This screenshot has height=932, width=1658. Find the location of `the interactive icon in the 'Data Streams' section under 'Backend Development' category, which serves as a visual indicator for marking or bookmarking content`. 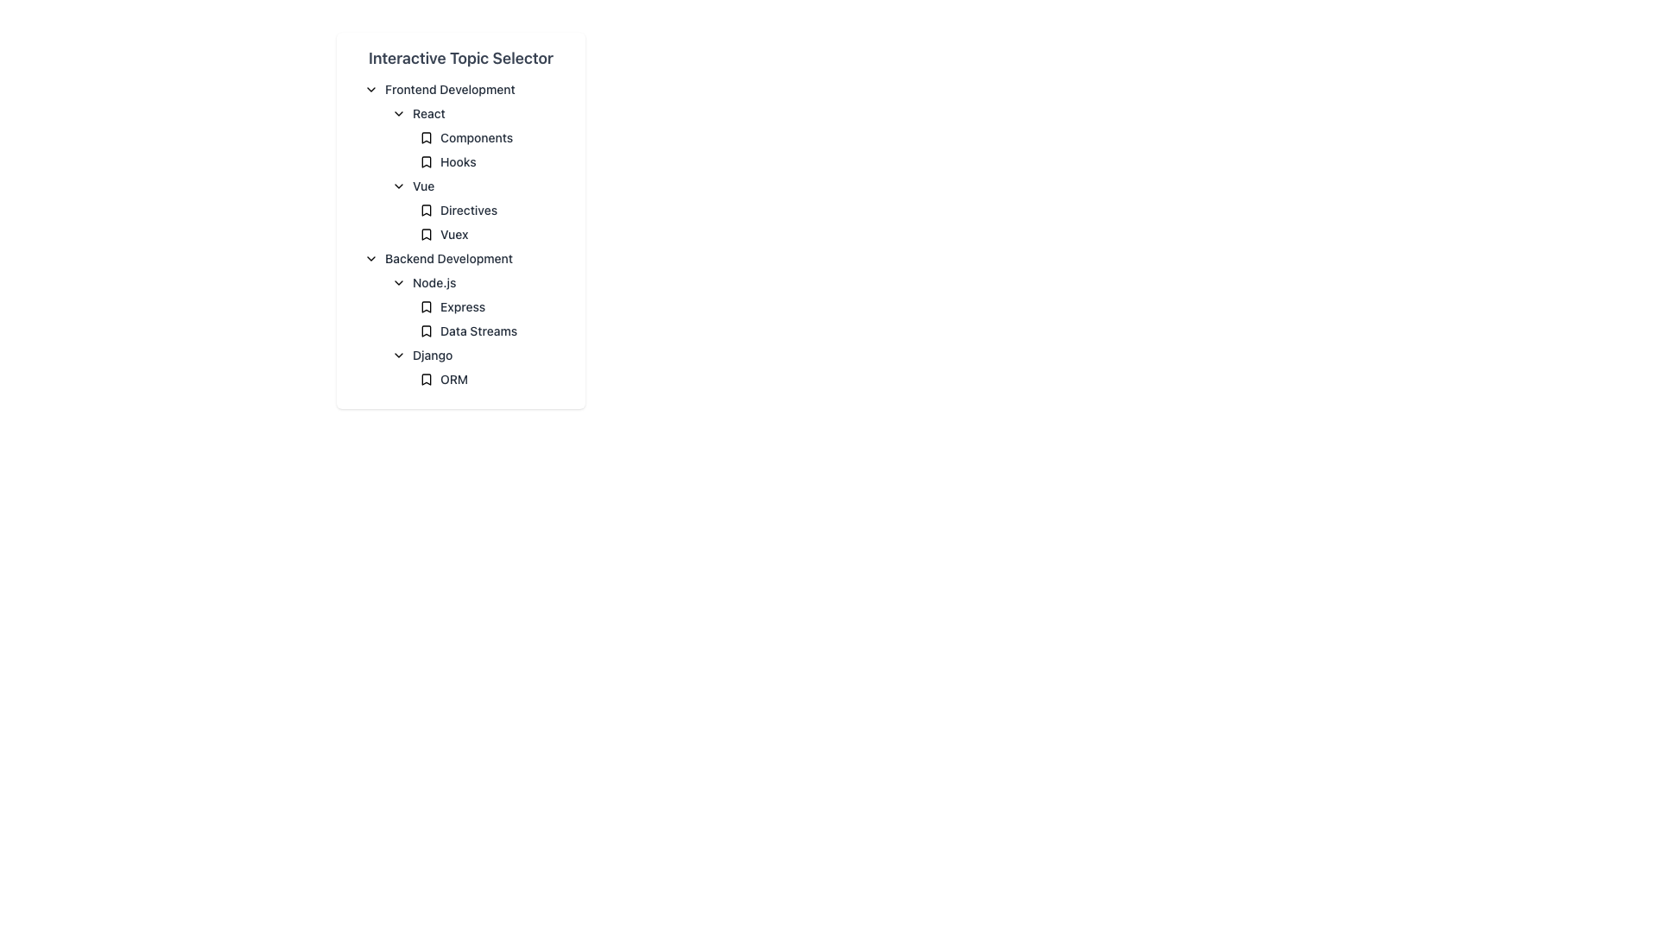

the interactive icon in the 'Data Streams' section under 'Backend Development' category, which serves as a visual indicator for marking or bookmarking content is located at coordinates (427, 331).